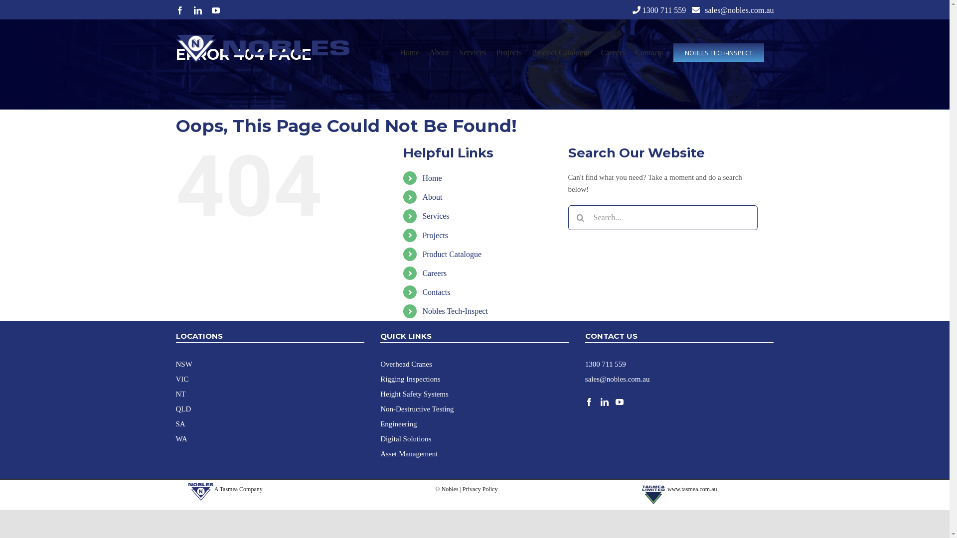  I want to click on 'Careers', so click(600, 52).